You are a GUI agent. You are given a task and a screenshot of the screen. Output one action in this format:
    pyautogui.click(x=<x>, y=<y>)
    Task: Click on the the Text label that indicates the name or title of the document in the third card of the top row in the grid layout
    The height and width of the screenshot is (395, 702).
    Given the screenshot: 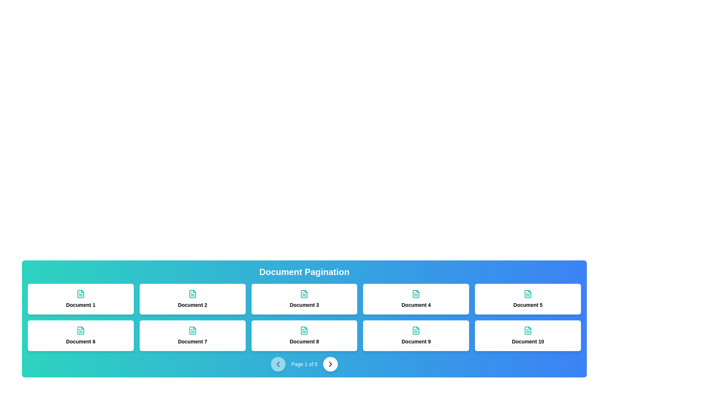 What is the action you would take?
    pyautogui.click(x=304, y=305)
    